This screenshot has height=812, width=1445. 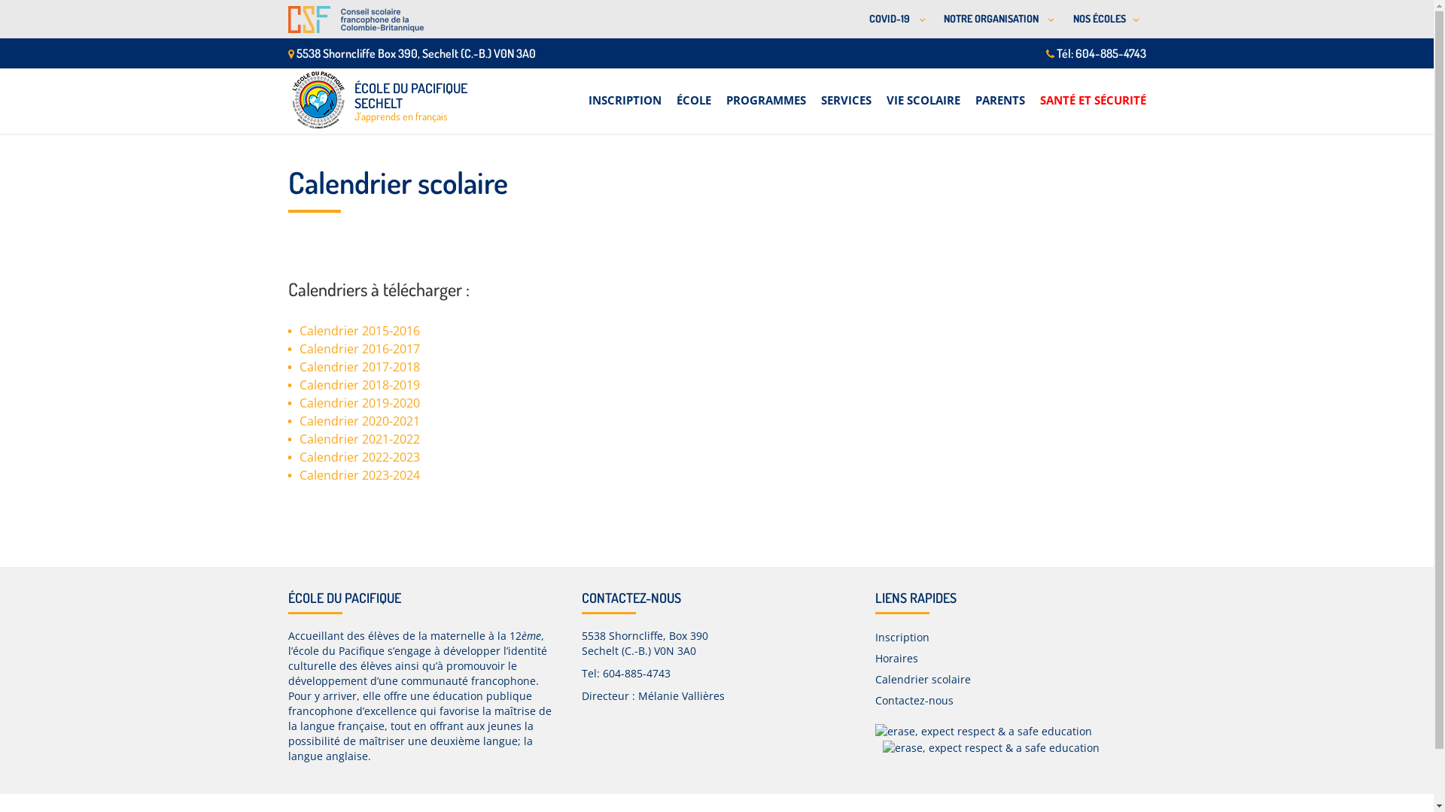 I want to click on 'Calendrier 2018-2019', so click(x=359, y=384).